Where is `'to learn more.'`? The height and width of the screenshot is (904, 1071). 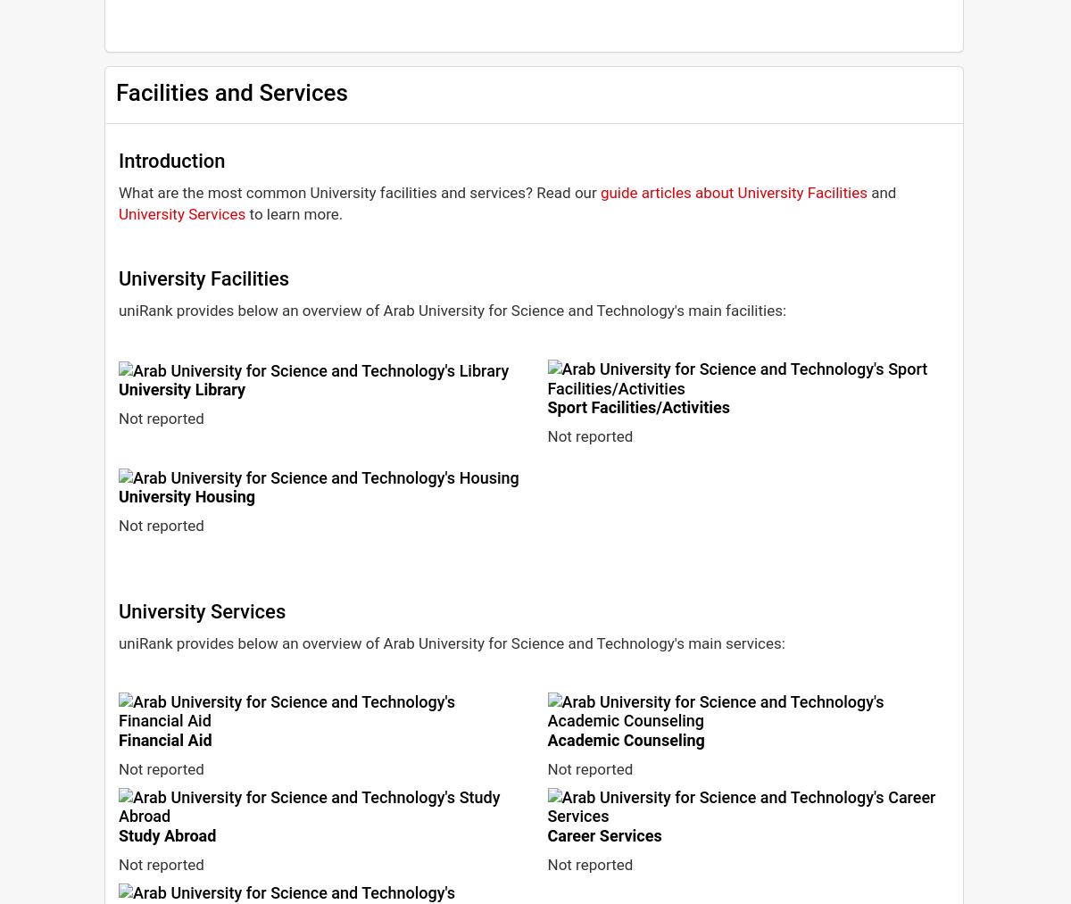 'to learn more.' is located at coordinates (245, 212).